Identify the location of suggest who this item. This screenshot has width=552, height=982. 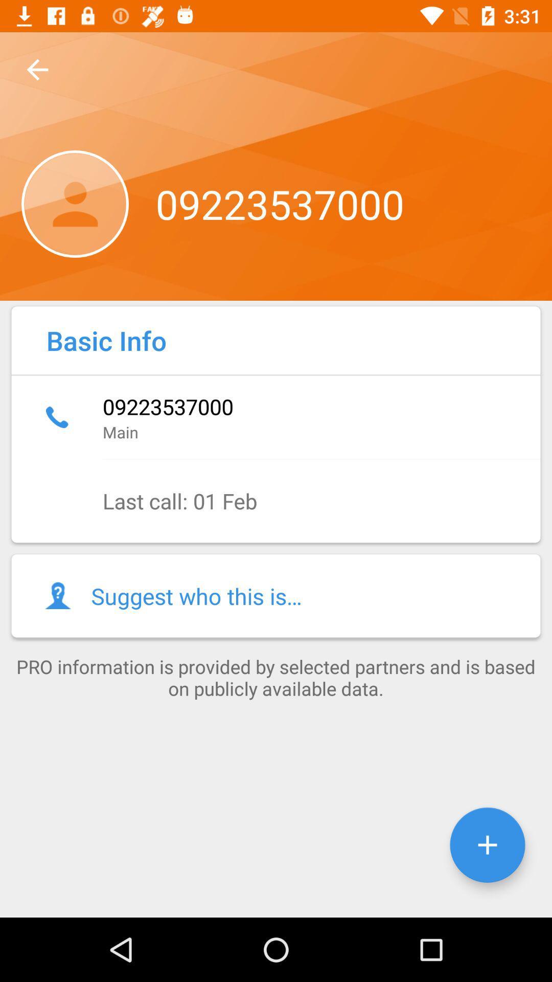
(276, 596).